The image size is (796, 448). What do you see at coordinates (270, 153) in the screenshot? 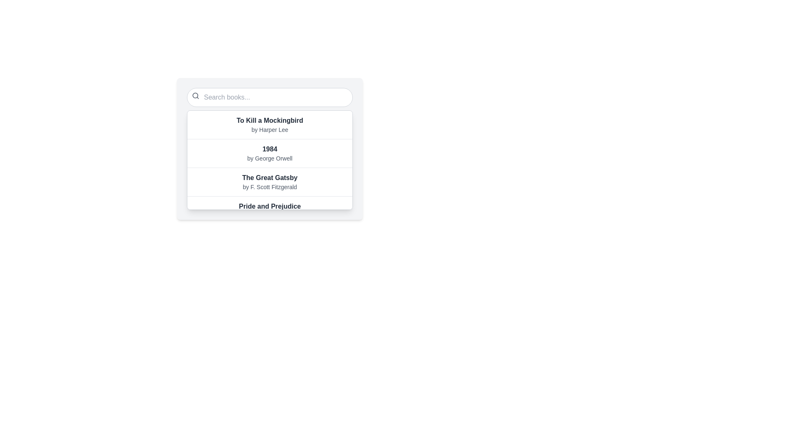
I see `the list item representing the book '1984' by George Orwell, which is the second item in the dropdown suggestions` at bounding box center [270, 153].